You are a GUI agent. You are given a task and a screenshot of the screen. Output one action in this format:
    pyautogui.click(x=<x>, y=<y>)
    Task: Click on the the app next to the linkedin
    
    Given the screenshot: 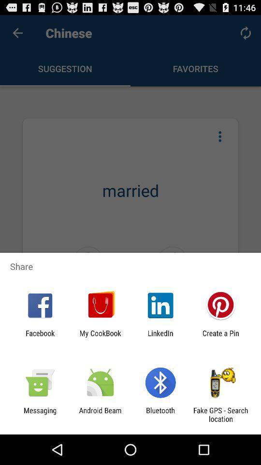 What is the action you would take?
    pyautogui.click(x=100, y=337)
    